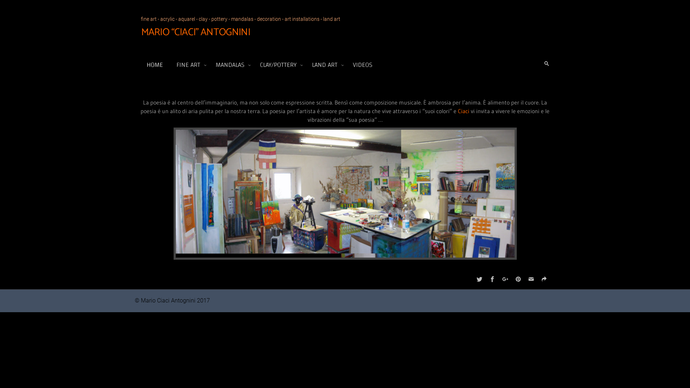  Describe the element at coordinates (231, 65) in the screenshot. I see `'MANDALAS'` at that location.